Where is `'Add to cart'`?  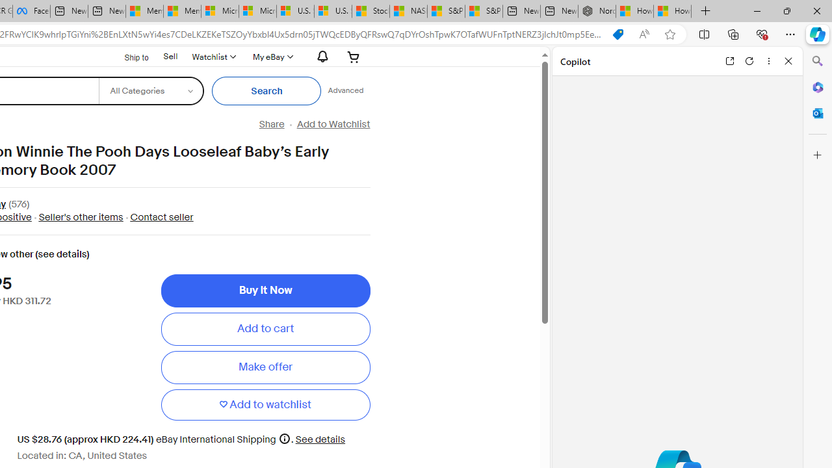 'Add to cart' is located at coordinates (265, 328).